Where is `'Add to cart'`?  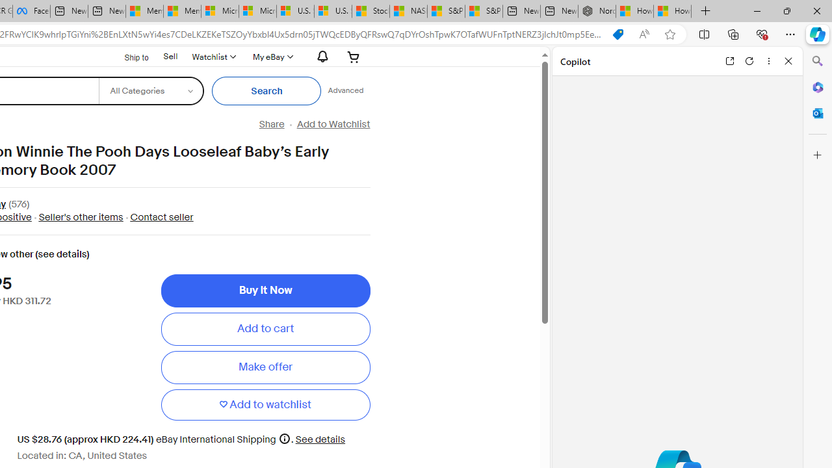 'Add to cart' is located at coordinates (265, 328).